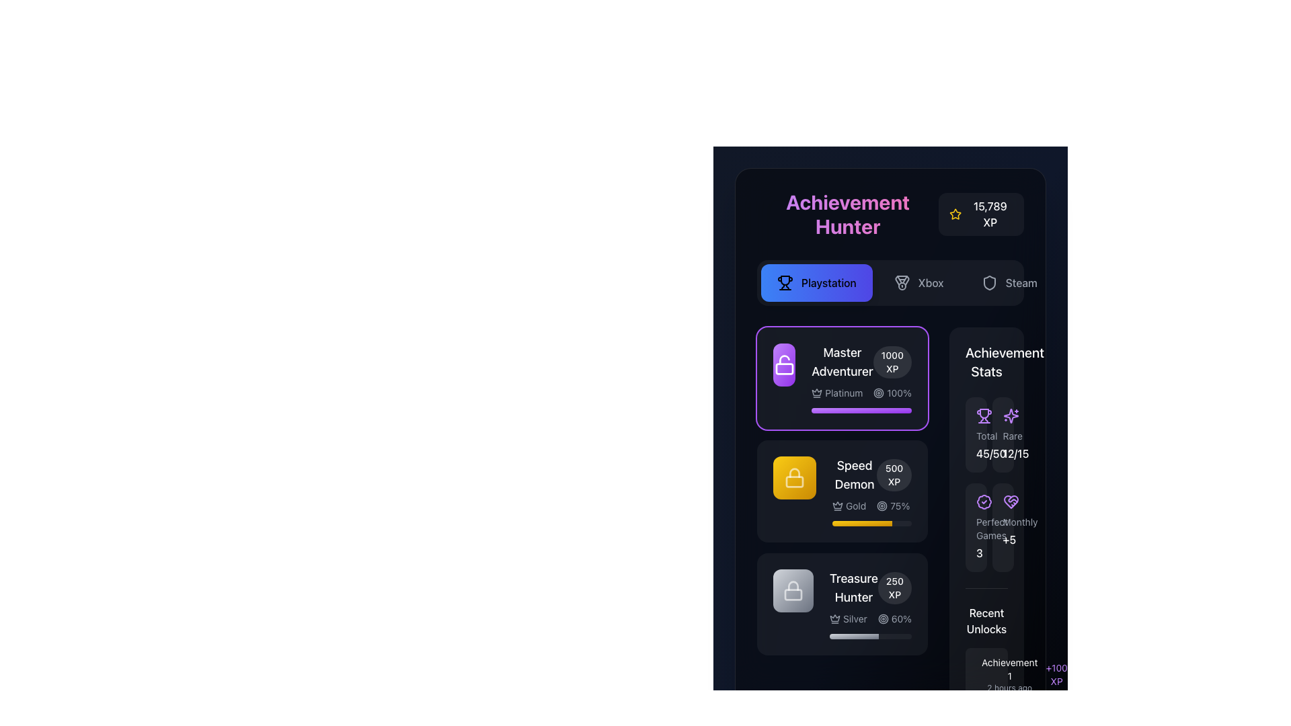  Describe the element at coordinates (849, 506) in the screenshot. I see `the 'Gold' label with a crown icon, which is positioned to the left of the '75%' text within the 'Speed Demon' card` at that location.